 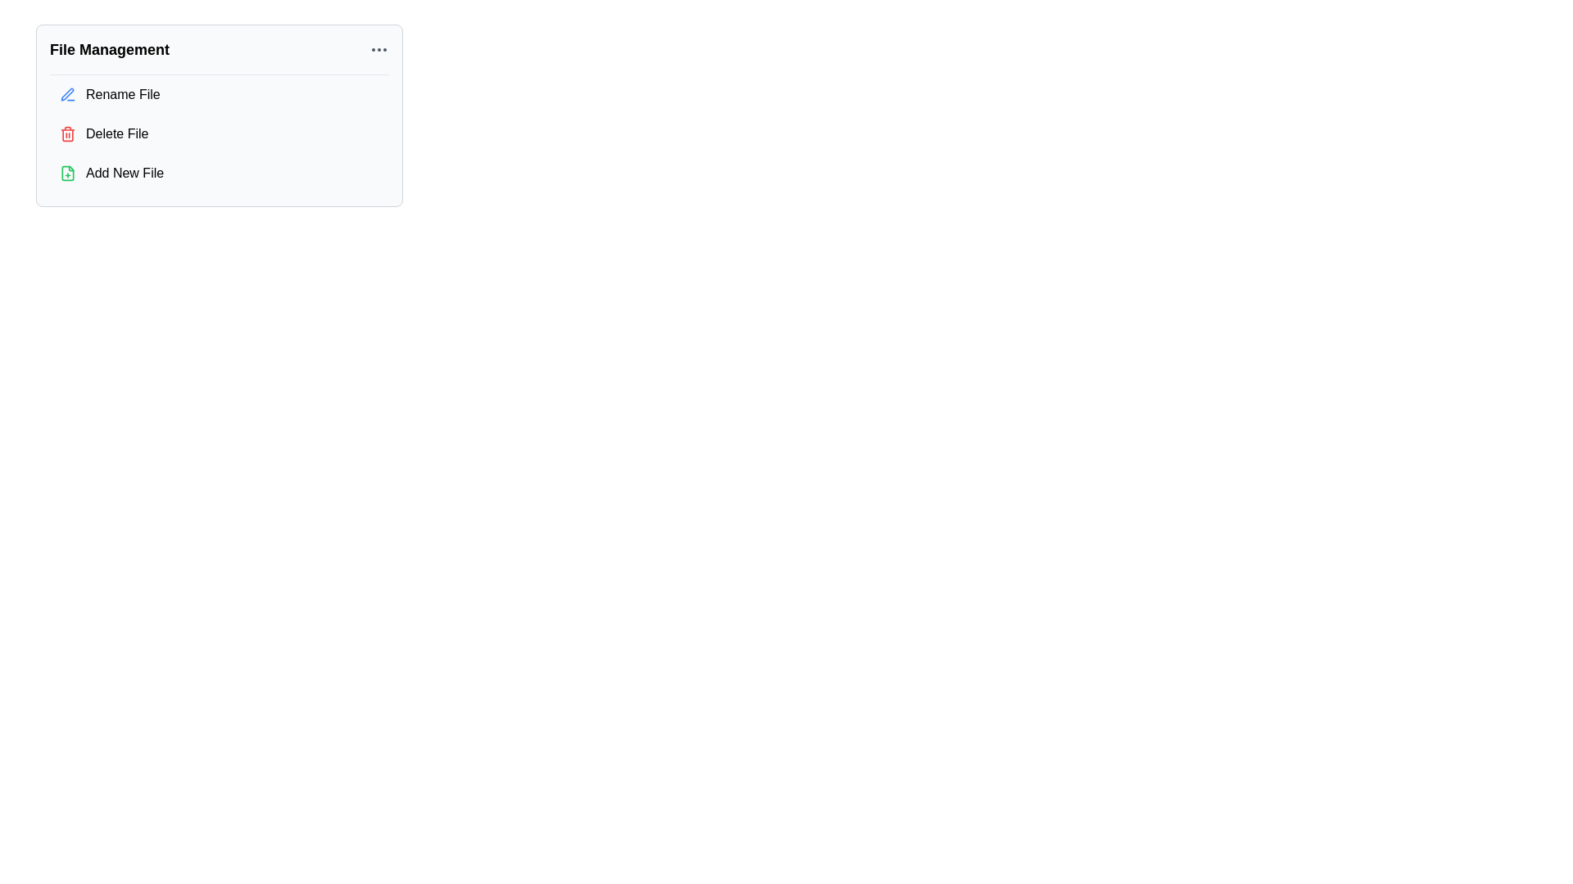 I want to click on the 'More Options' button to toggle the menu visibility, so click(x=378, y=49).